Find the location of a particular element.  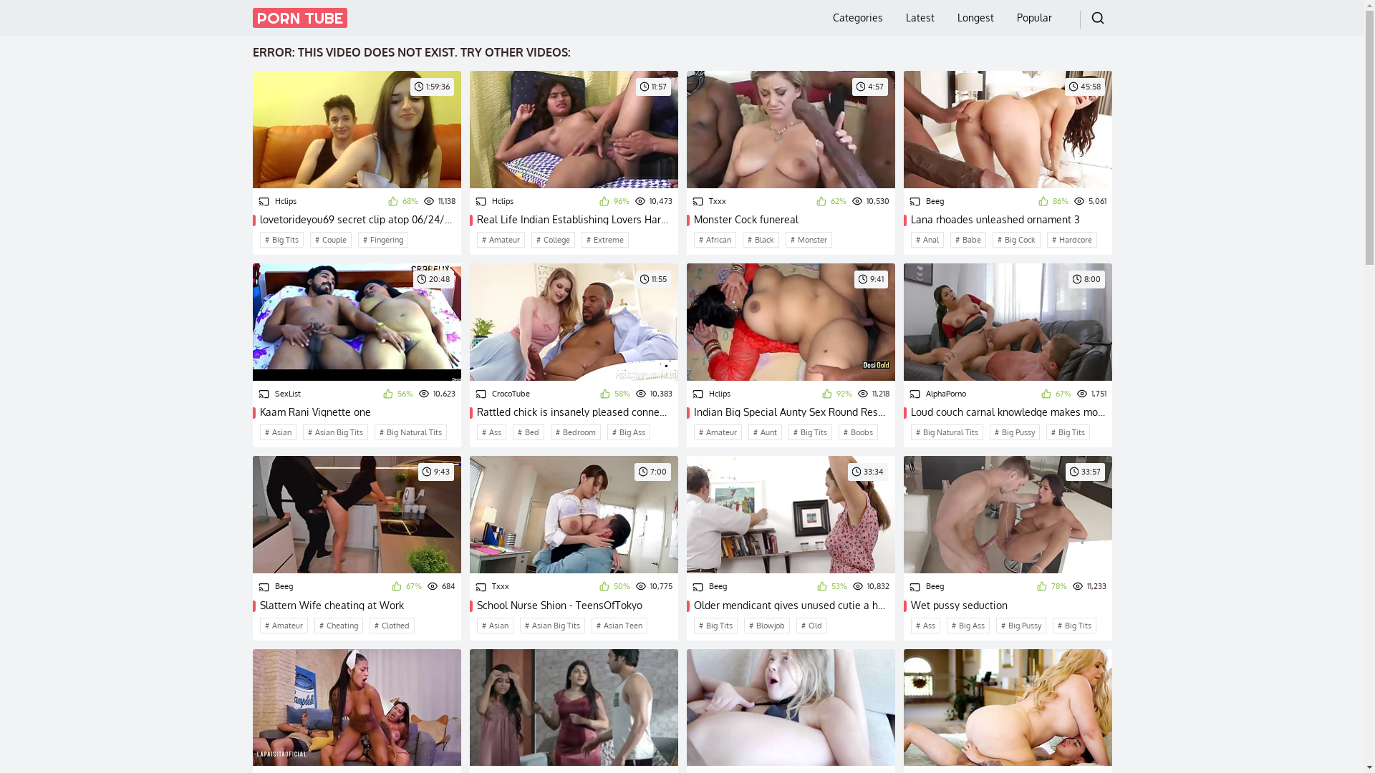

'Wet pussy seduction' is located at coordinates (1007, 605).